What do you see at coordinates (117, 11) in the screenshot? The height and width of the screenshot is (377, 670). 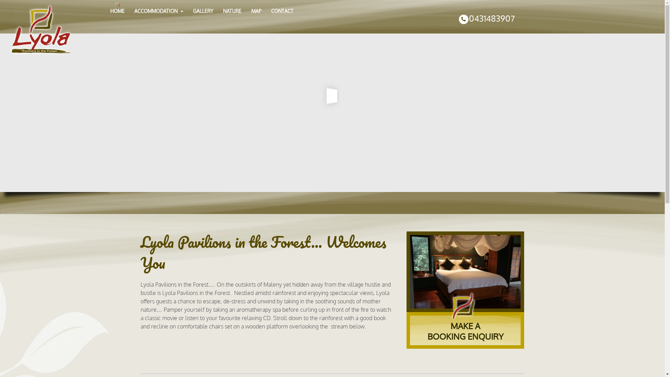 I see `'HOME'` at bounding box center [117, 11].